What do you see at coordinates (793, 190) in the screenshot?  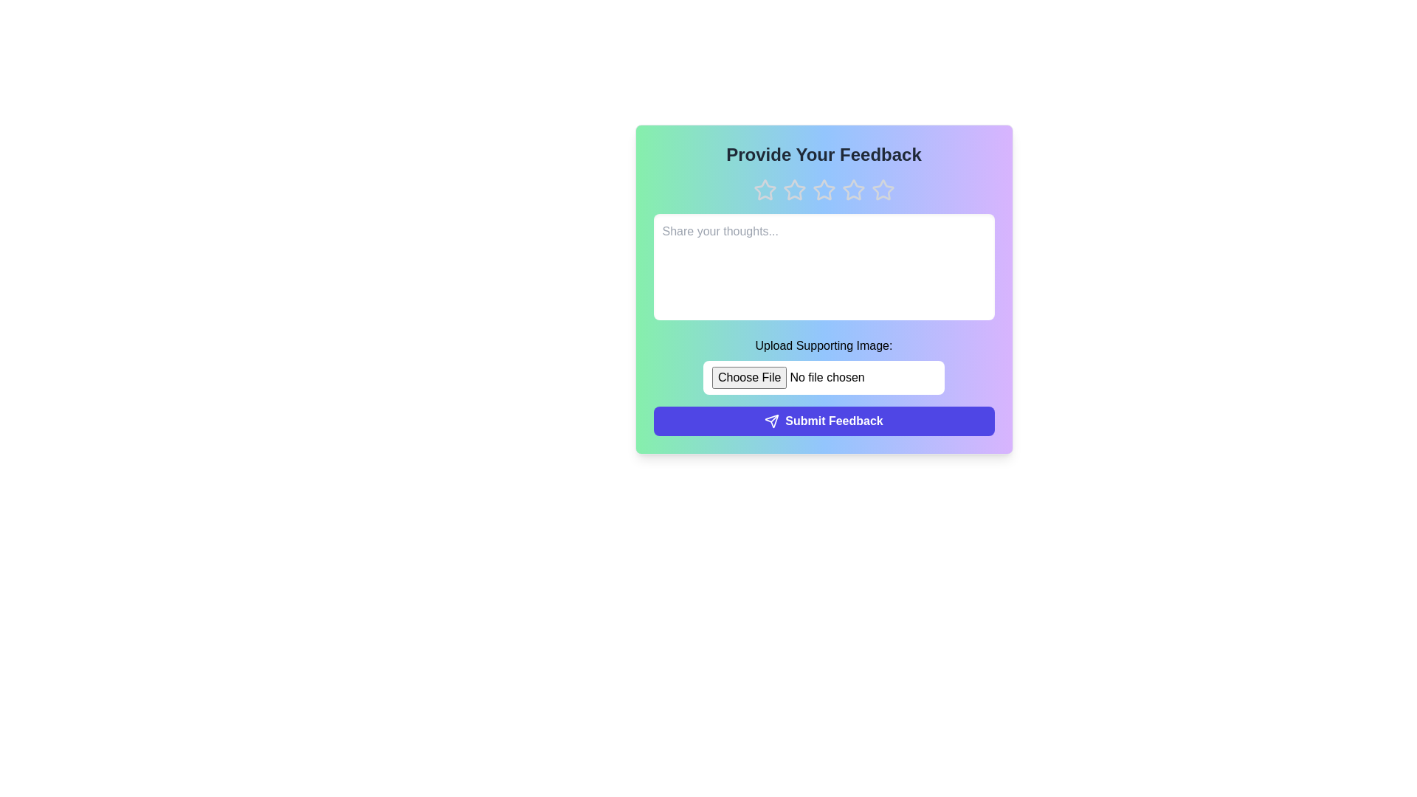 I see `the second star icon from the left` at bounding box center [793, 190].